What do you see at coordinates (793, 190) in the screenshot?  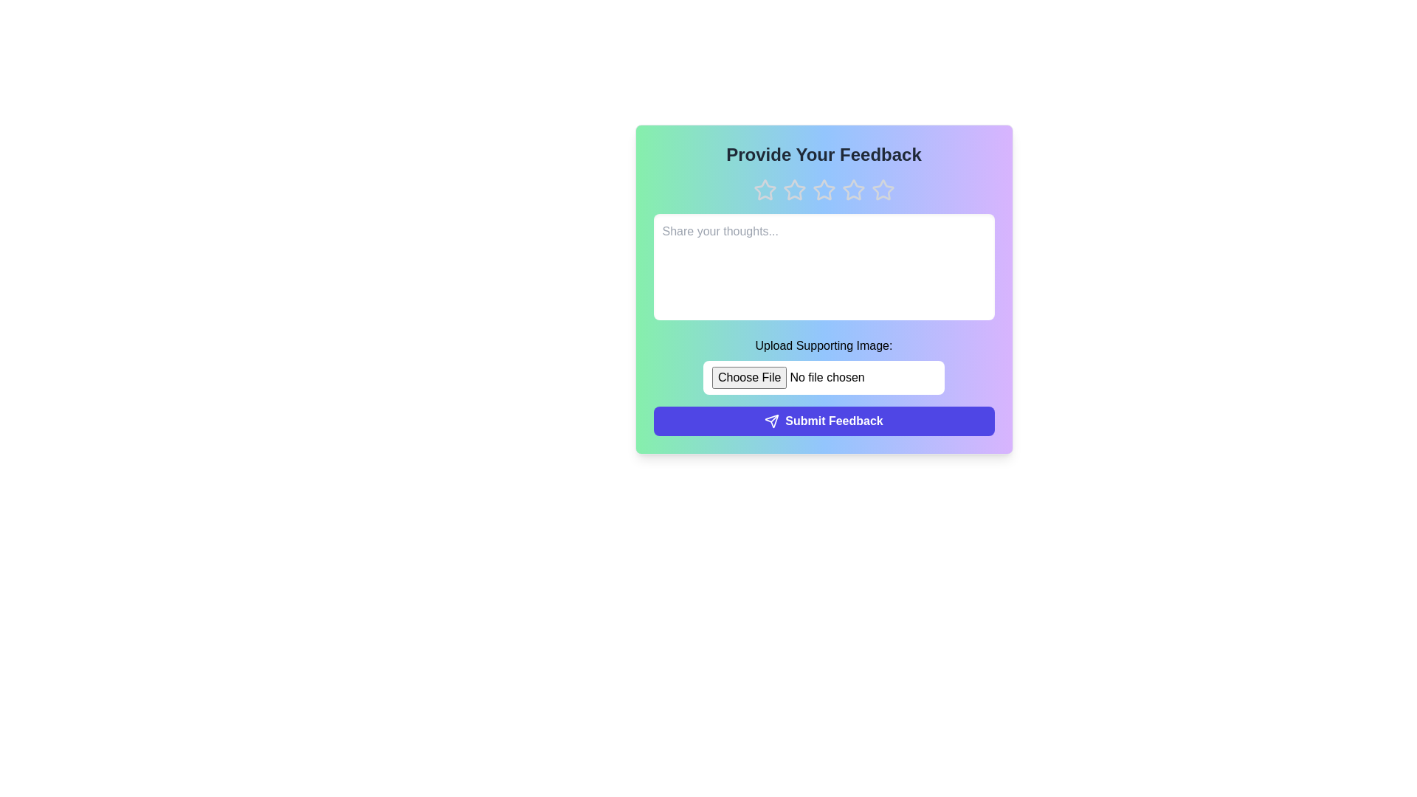 I see `the second star icon from the left` at bounding box center [793, 190].